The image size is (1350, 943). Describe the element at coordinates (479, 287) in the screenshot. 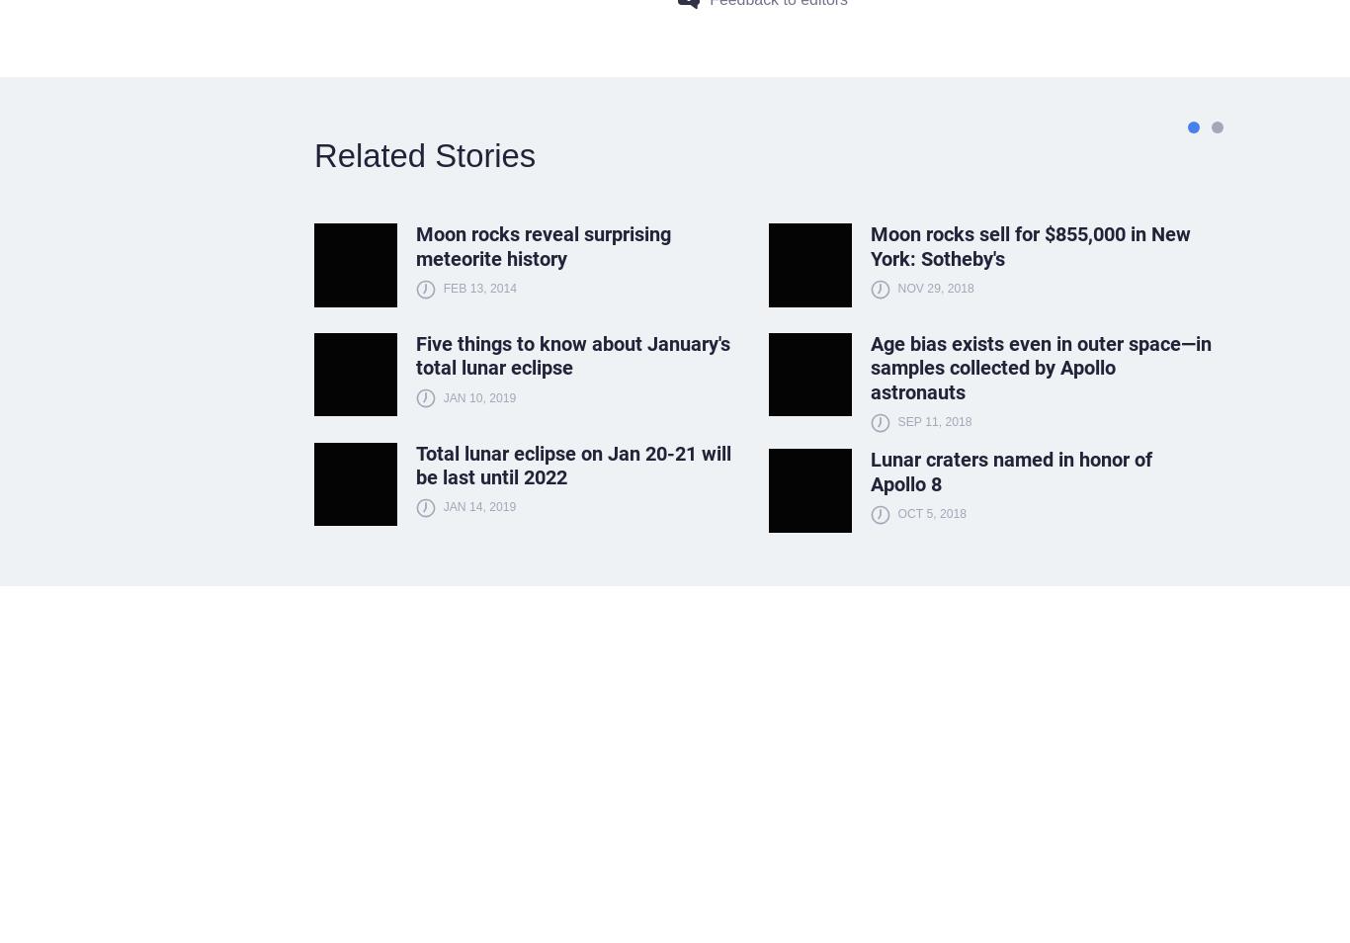

I see `'Feb 13, 2014'` at that location.